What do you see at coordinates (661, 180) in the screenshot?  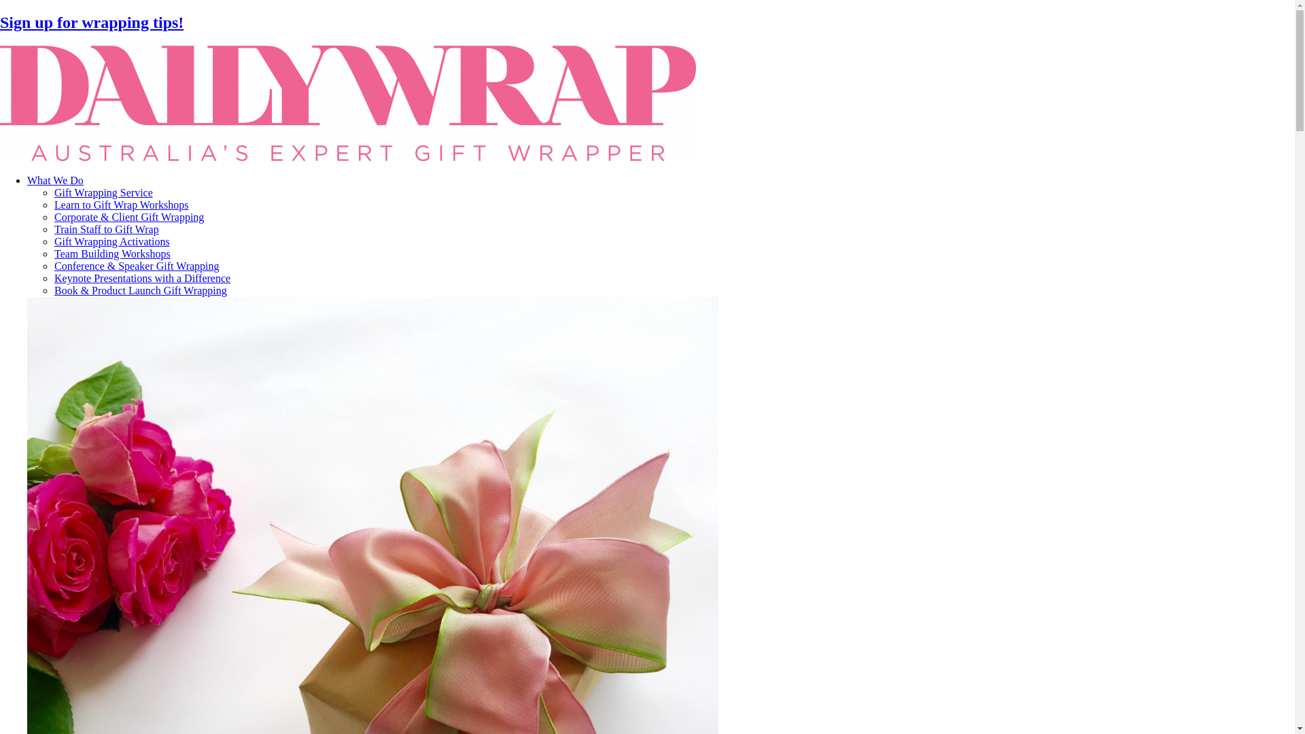 I see `'What We Do'` at bounding box center [661, 180].